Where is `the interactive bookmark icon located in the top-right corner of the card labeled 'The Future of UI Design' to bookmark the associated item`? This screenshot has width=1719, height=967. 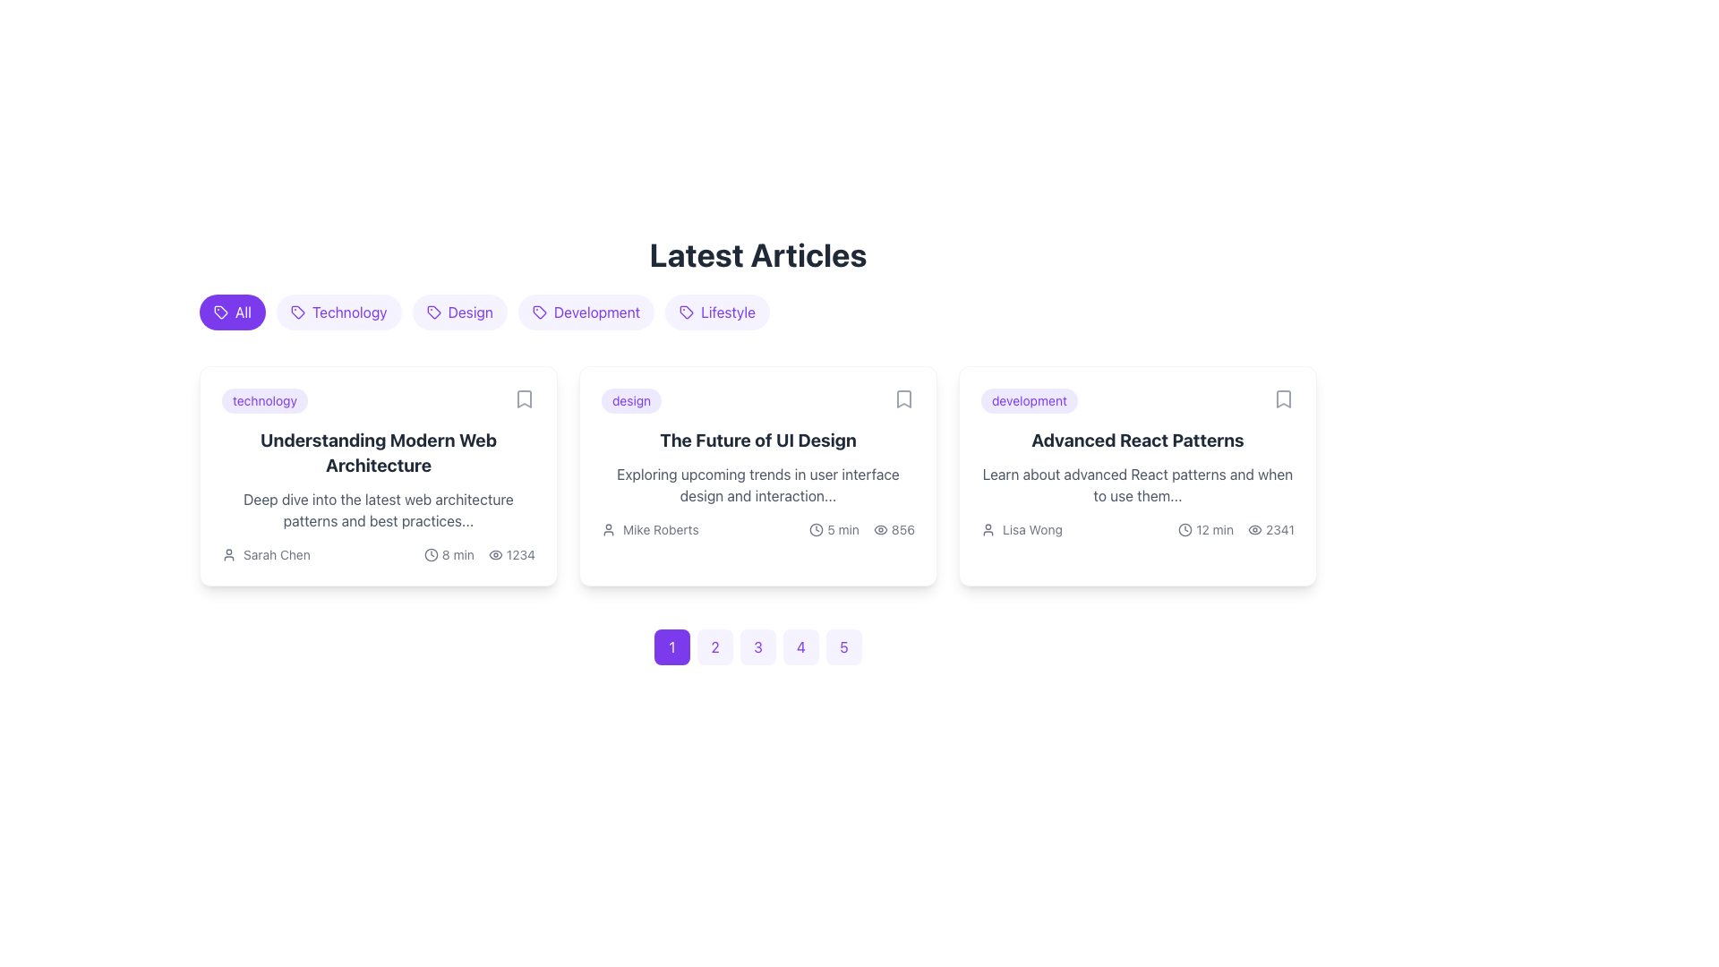
the interactive bookmark icon located in the top-right corner of the card labeled 'The Future of UI Design' to bookmark the associated item is located at coordinates (903, 398).